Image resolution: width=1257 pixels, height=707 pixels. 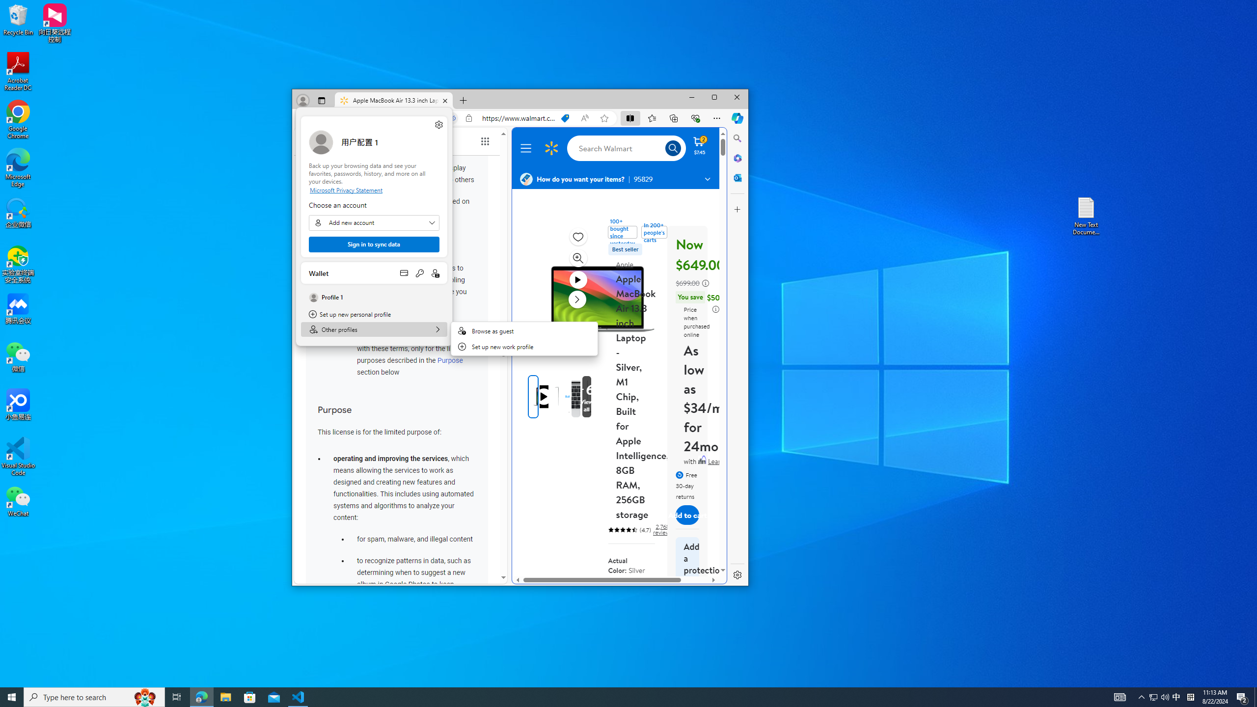 What do you see at coordinates (438, 124) in the screenshot?
I see `'Manage profile settings'` at bounding box center [438, 124].